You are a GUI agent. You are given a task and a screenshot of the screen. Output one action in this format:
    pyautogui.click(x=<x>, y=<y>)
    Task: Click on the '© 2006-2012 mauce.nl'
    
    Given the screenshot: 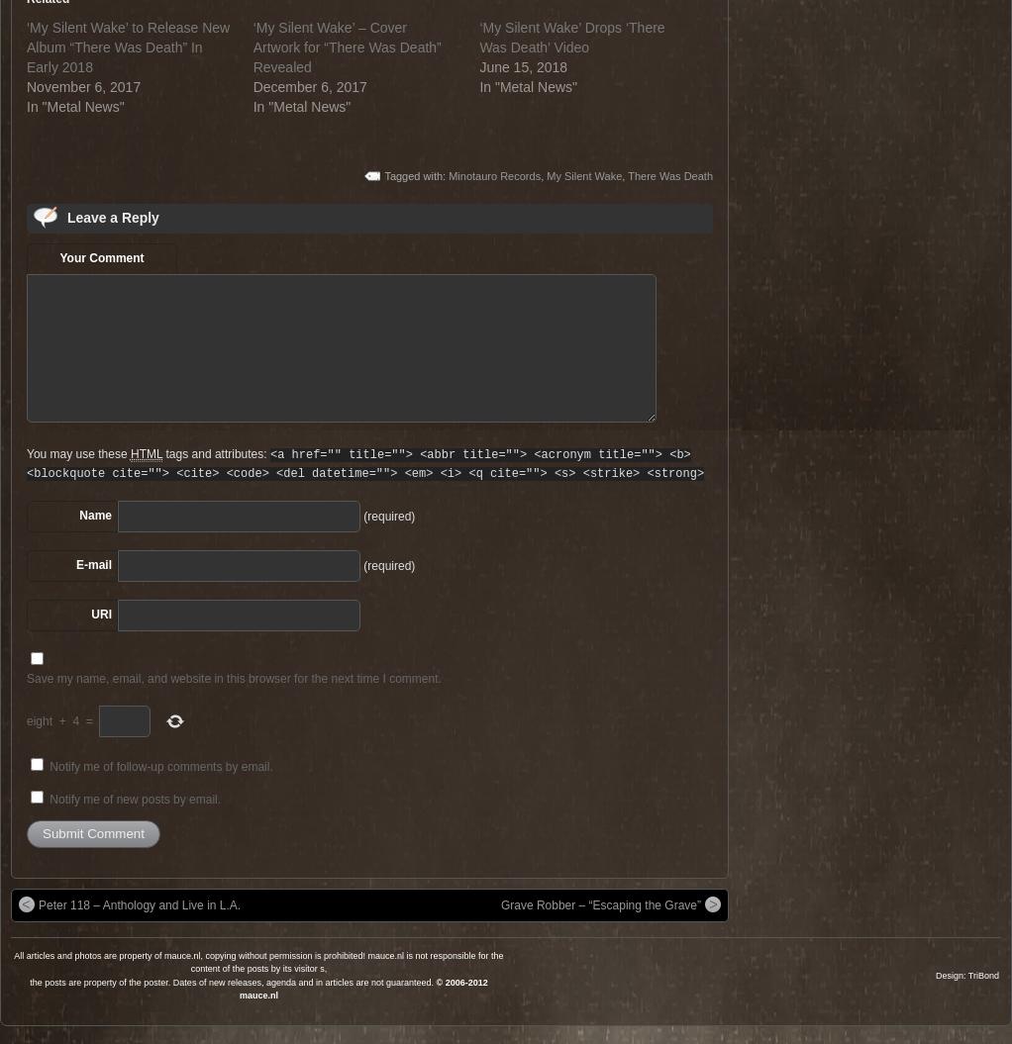 What is the action you would take?
    pyautogui.click(x=361, y=987)
    